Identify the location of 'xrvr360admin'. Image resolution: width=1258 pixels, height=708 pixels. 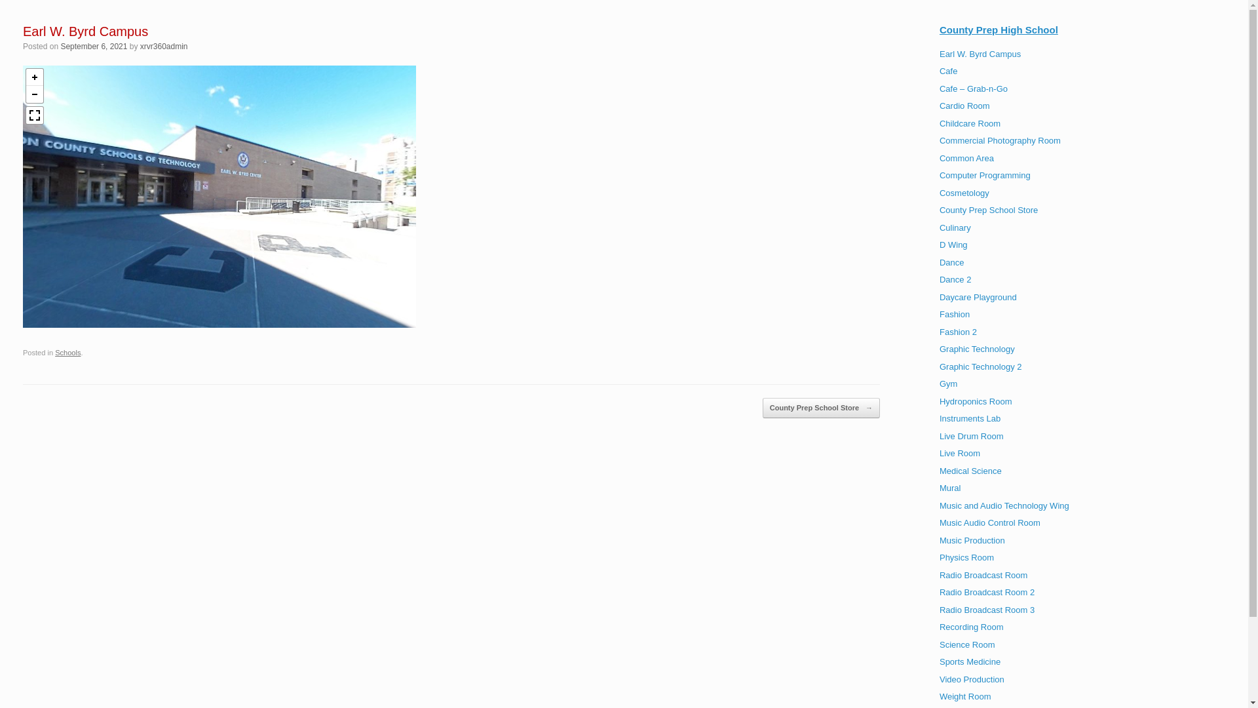
(163, 45).